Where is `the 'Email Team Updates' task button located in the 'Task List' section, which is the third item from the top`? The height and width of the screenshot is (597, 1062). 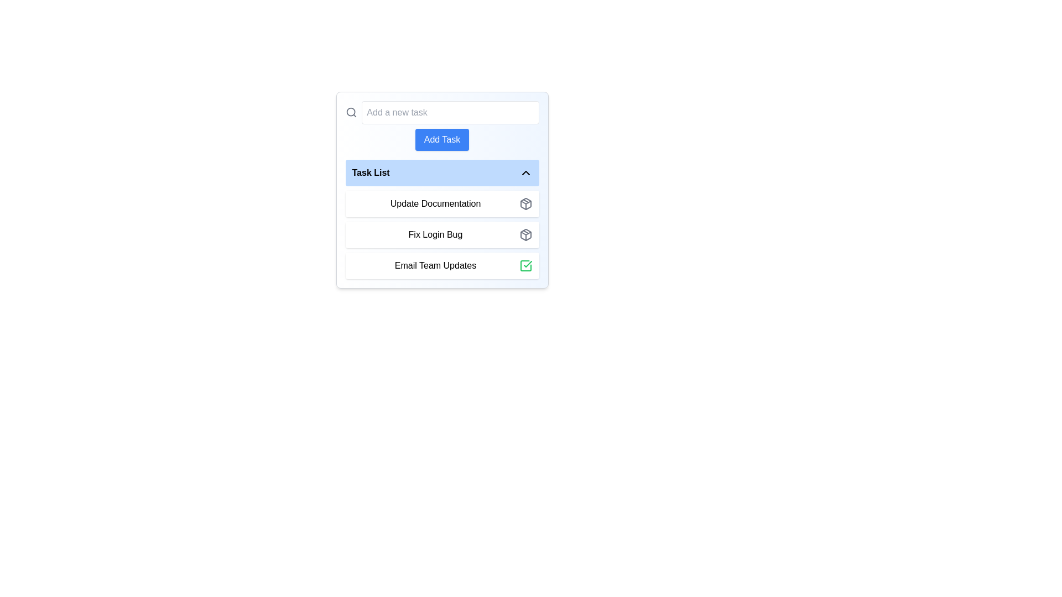
the 'Email Team Updates' task button located in the 'Task List' section, which is the third item from the top is located at coordinates (441, 266).